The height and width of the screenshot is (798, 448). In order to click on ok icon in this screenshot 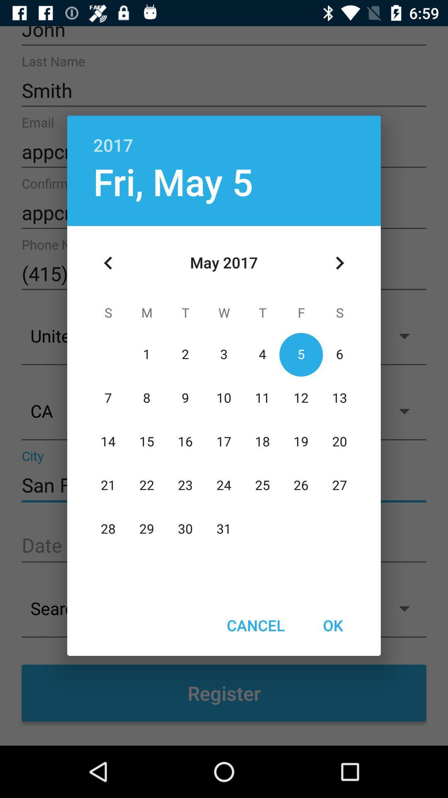, I will do `click(332, 625)`.